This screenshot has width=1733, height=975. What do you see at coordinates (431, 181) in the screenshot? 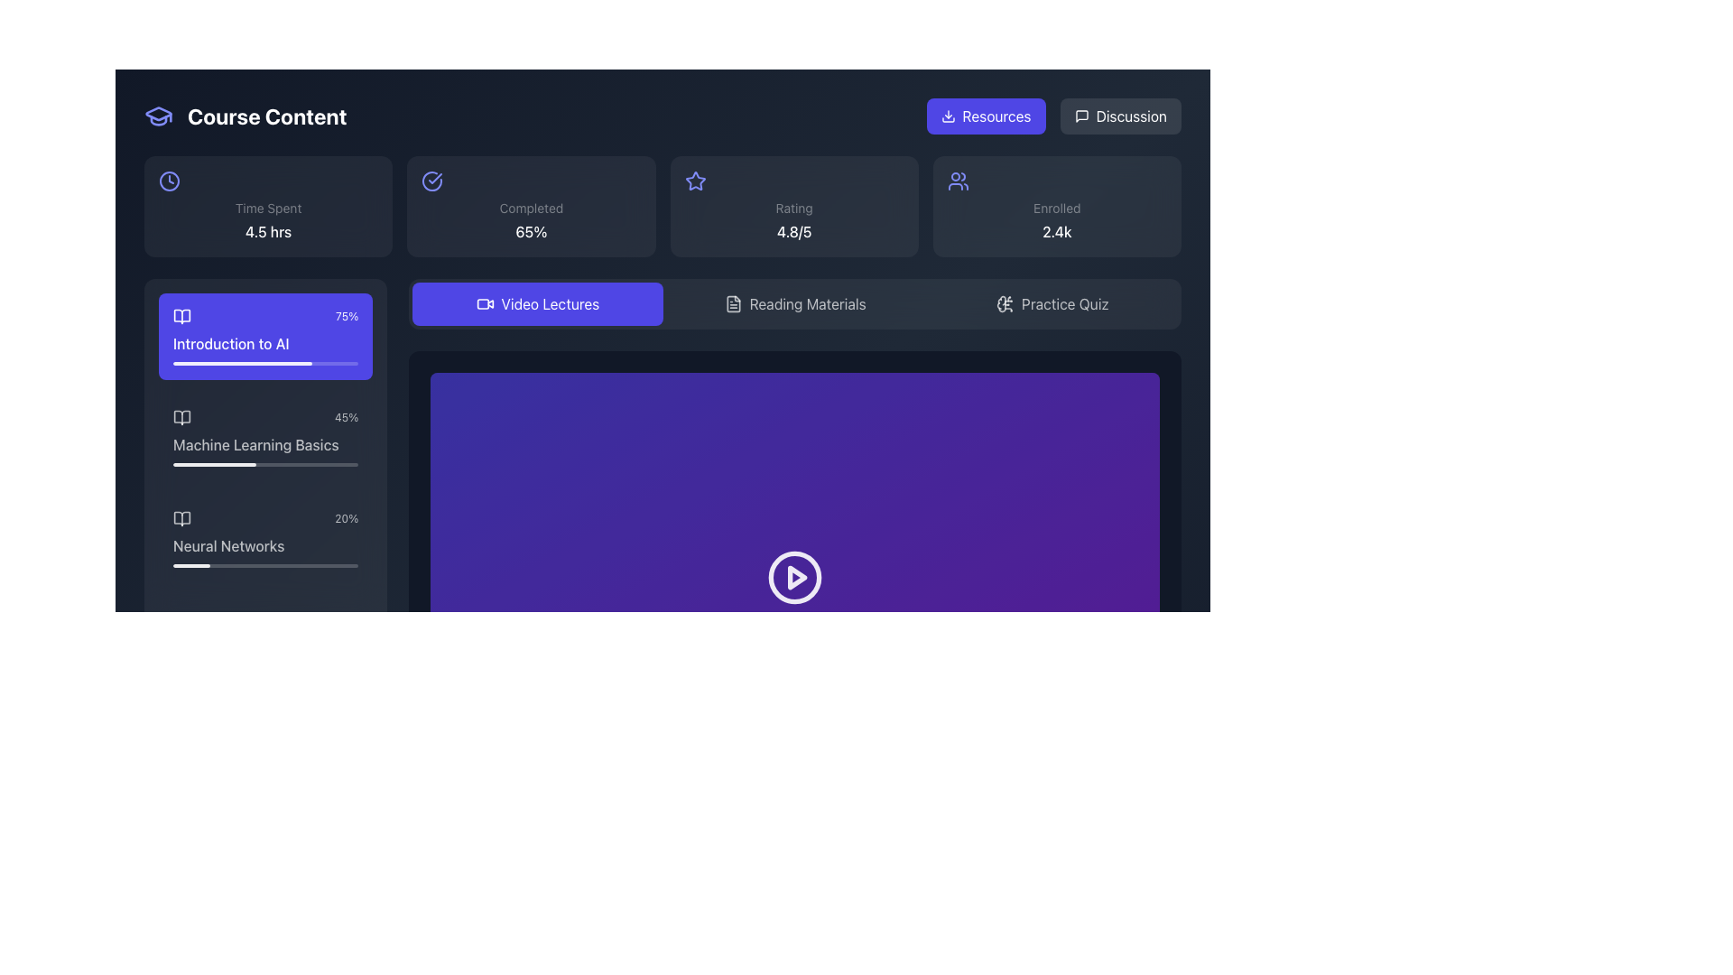
I see `the circular vector graphic icon located within the completed tasks section, which is styled as part of a line-drawn icon` at bounding box center [431, 181].